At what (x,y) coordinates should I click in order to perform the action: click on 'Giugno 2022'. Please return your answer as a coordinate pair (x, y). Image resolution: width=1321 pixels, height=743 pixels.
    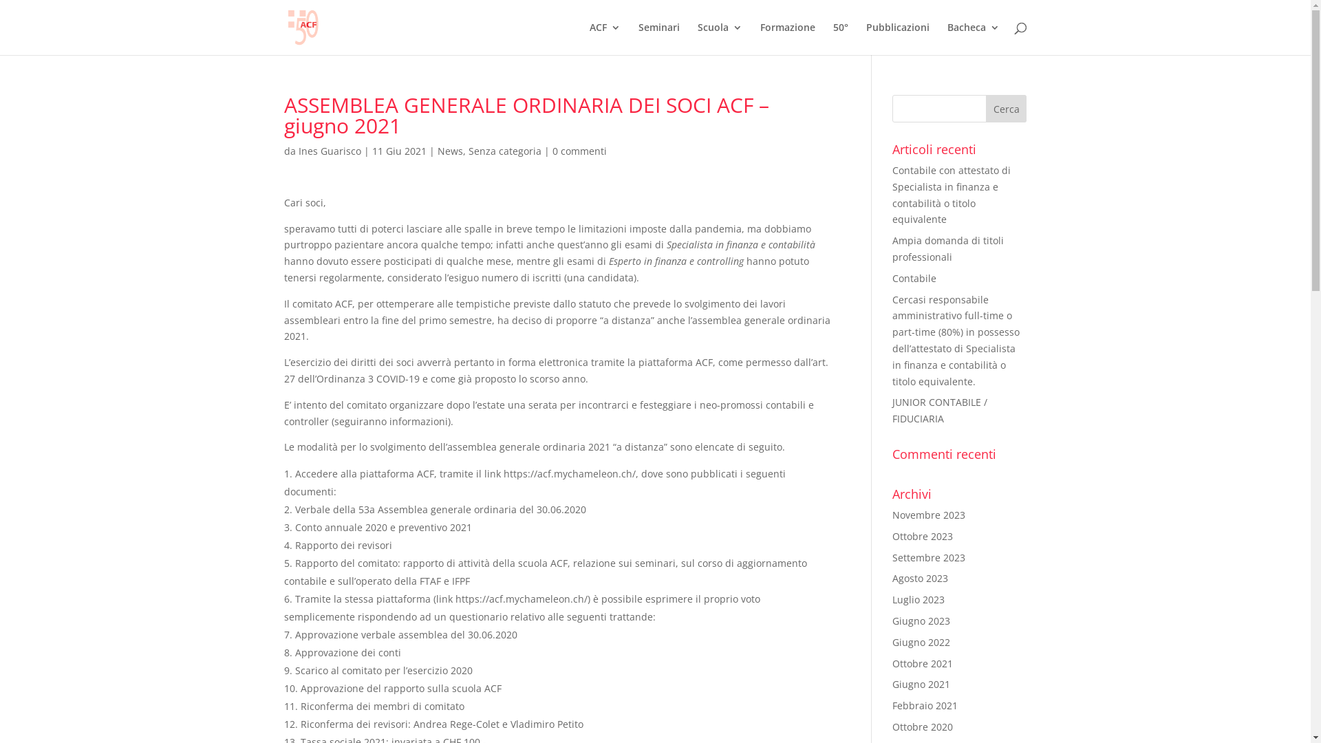
    Looking at the image, I should click on (921, 642).